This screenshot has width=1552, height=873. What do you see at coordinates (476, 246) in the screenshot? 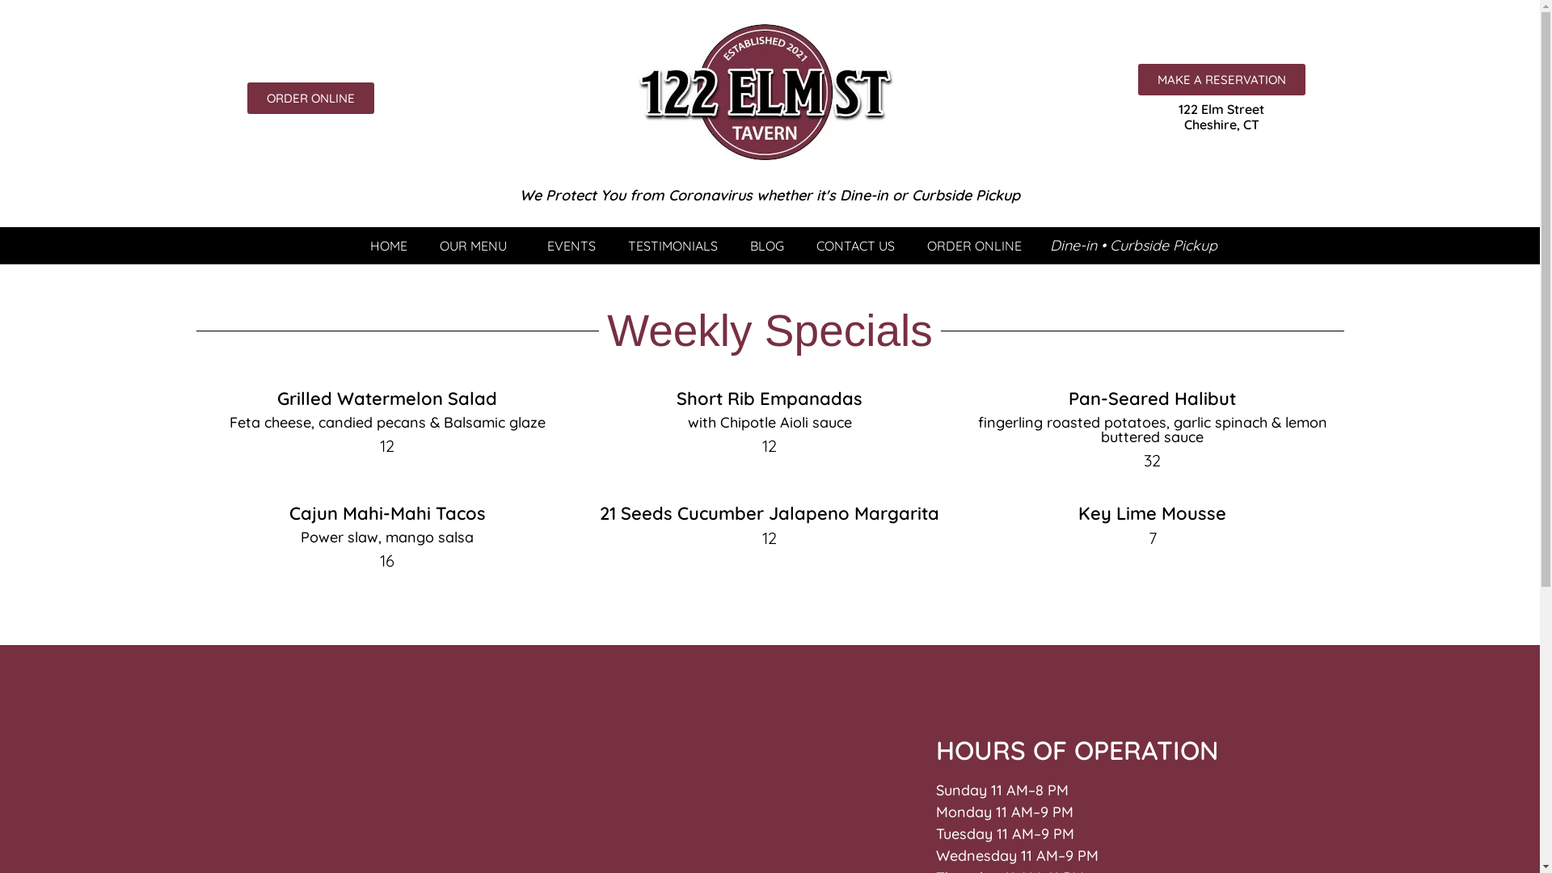
I see `'OUR MENU'` at bounding box center [476, 246].